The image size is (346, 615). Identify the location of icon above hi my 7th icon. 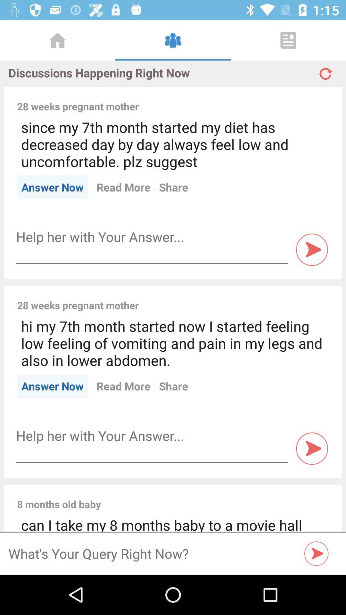
(238, 298).